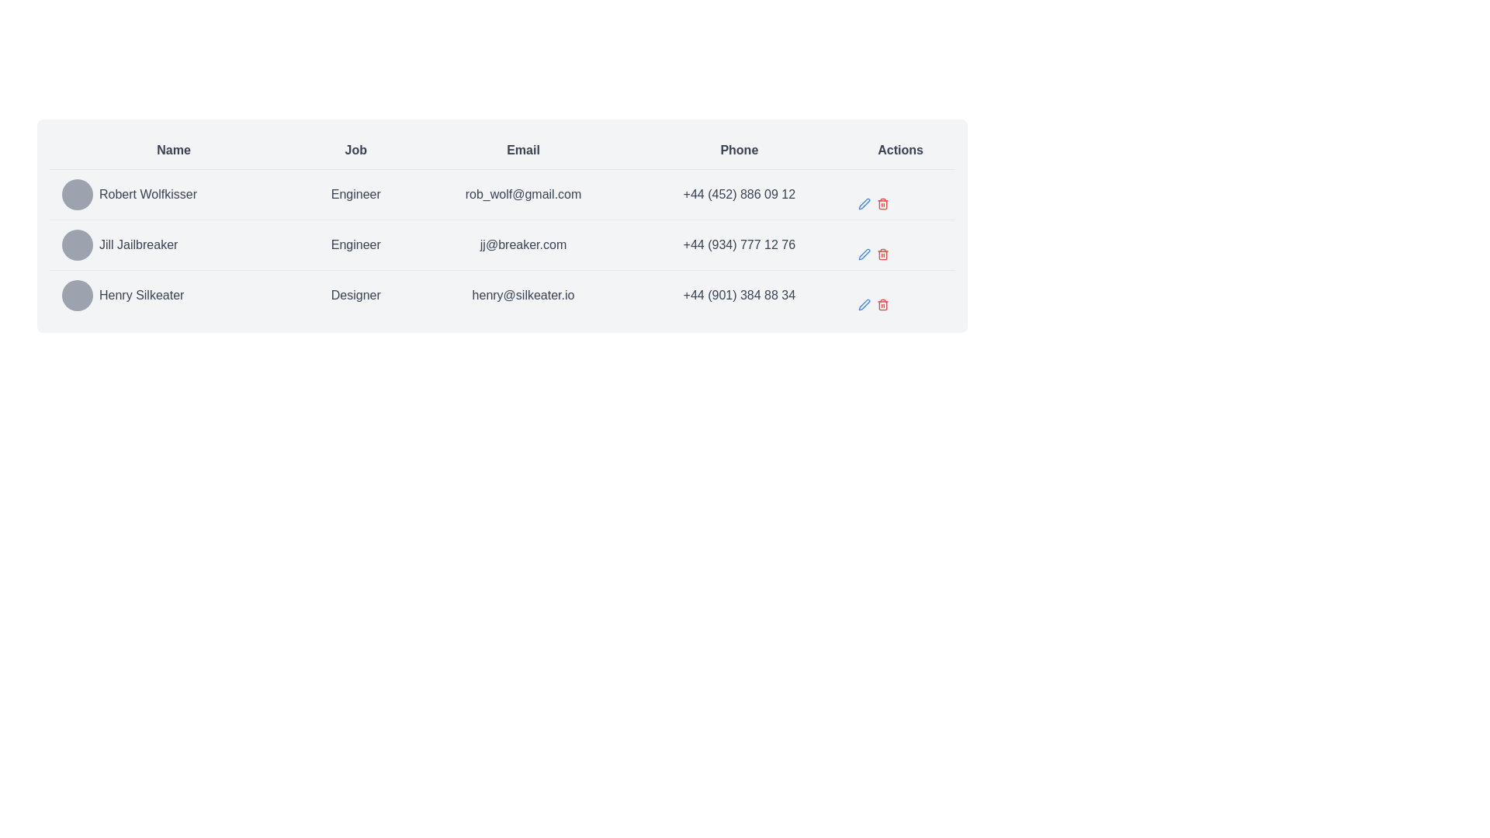  I want to click on the text label reading 'Job', which is styled in bold sans-serif font and centrally aligned within a light gray background, located in the header row of a tabular structure, so click(355, 151).